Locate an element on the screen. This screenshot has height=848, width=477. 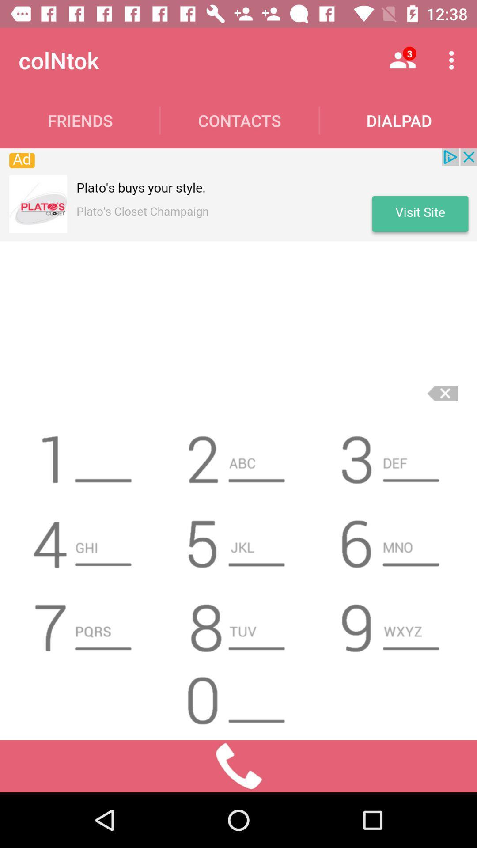
contacts left to dialpad is located at coordinates (240, 120).